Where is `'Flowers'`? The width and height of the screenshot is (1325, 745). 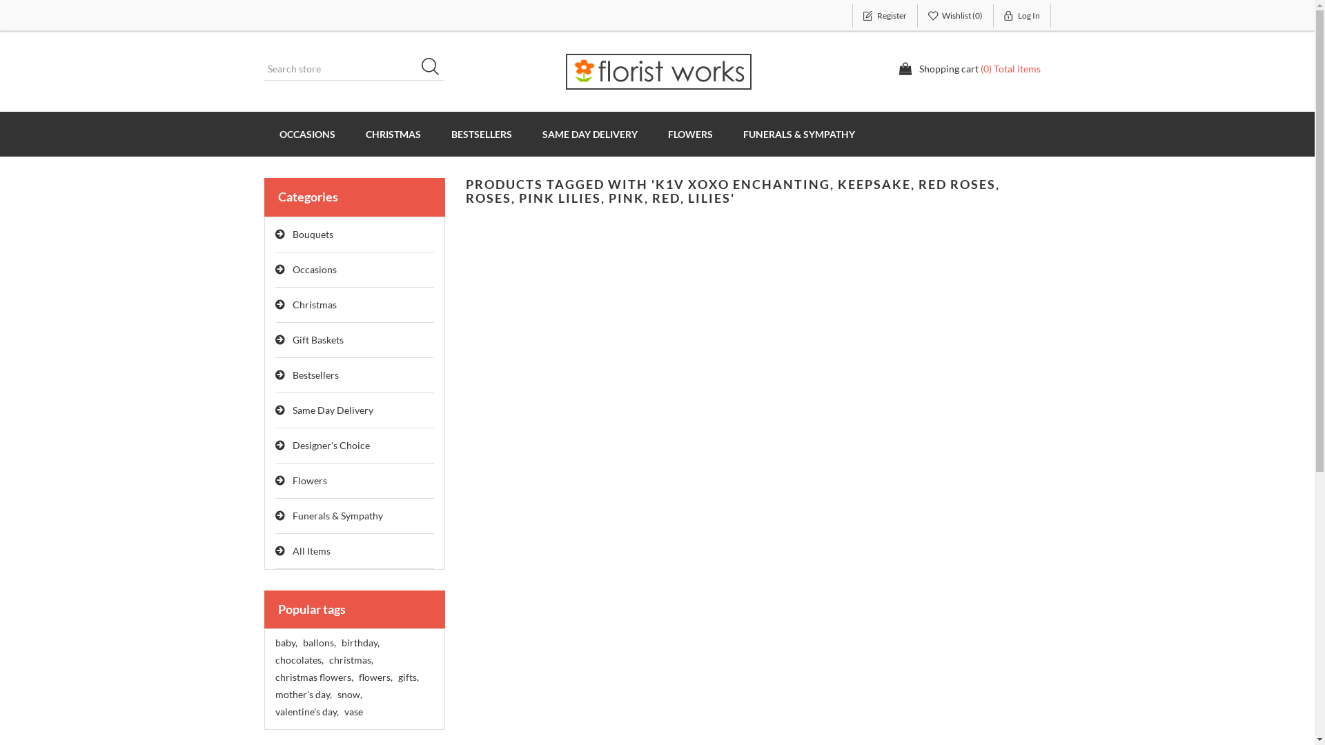 'Flowers' is located at coordinates (354, 480).